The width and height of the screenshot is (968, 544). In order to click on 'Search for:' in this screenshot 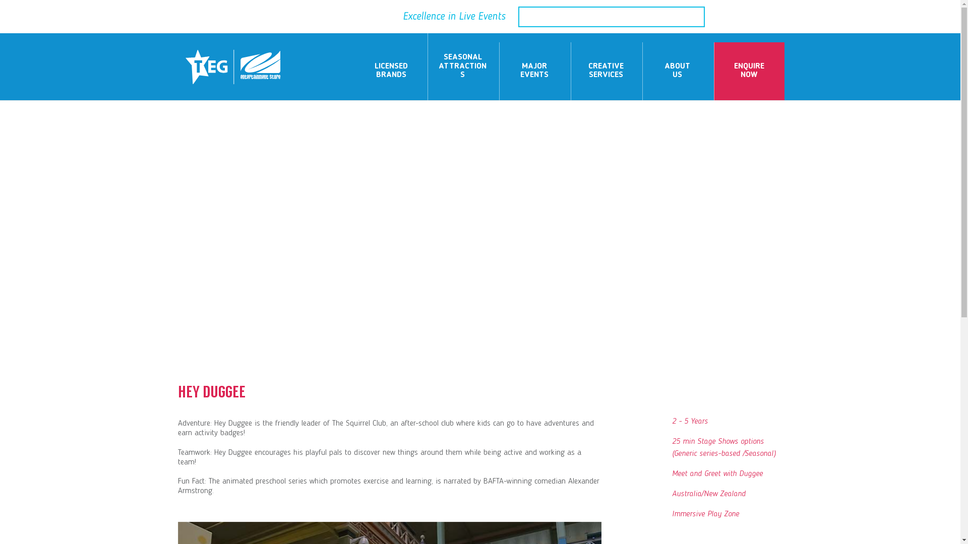, I will do `click(611, 17)`.